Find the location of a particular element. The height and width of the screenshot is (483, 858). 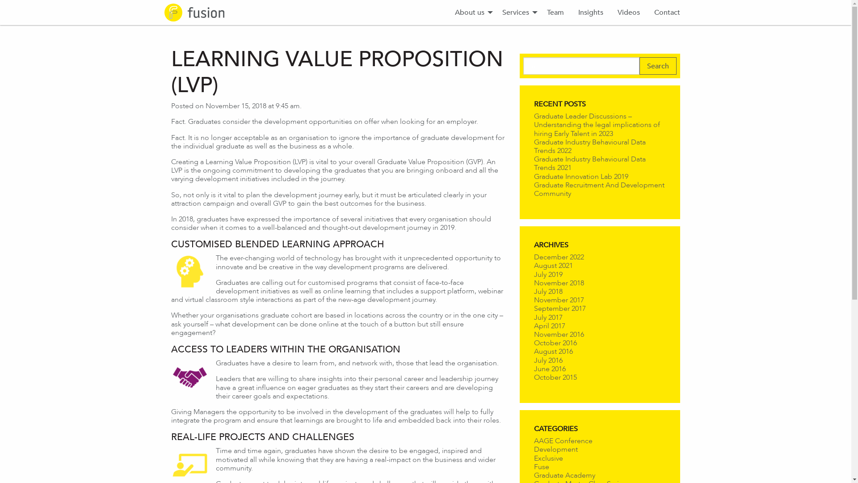

'August 2016' is located at coordinates (552, 351).